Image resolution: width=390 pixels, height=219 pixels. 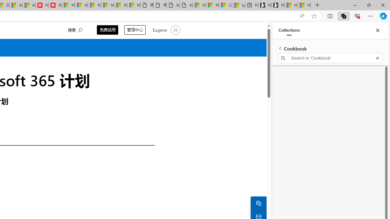 I want to click on 'Back to list of collections', so click(x=280, y=48).